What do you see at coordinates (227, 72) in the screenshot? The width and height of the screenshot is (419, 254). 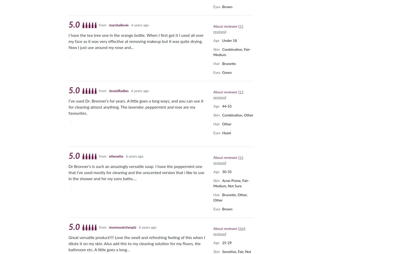 I see `'Green'` at bounding box center [227, 72].